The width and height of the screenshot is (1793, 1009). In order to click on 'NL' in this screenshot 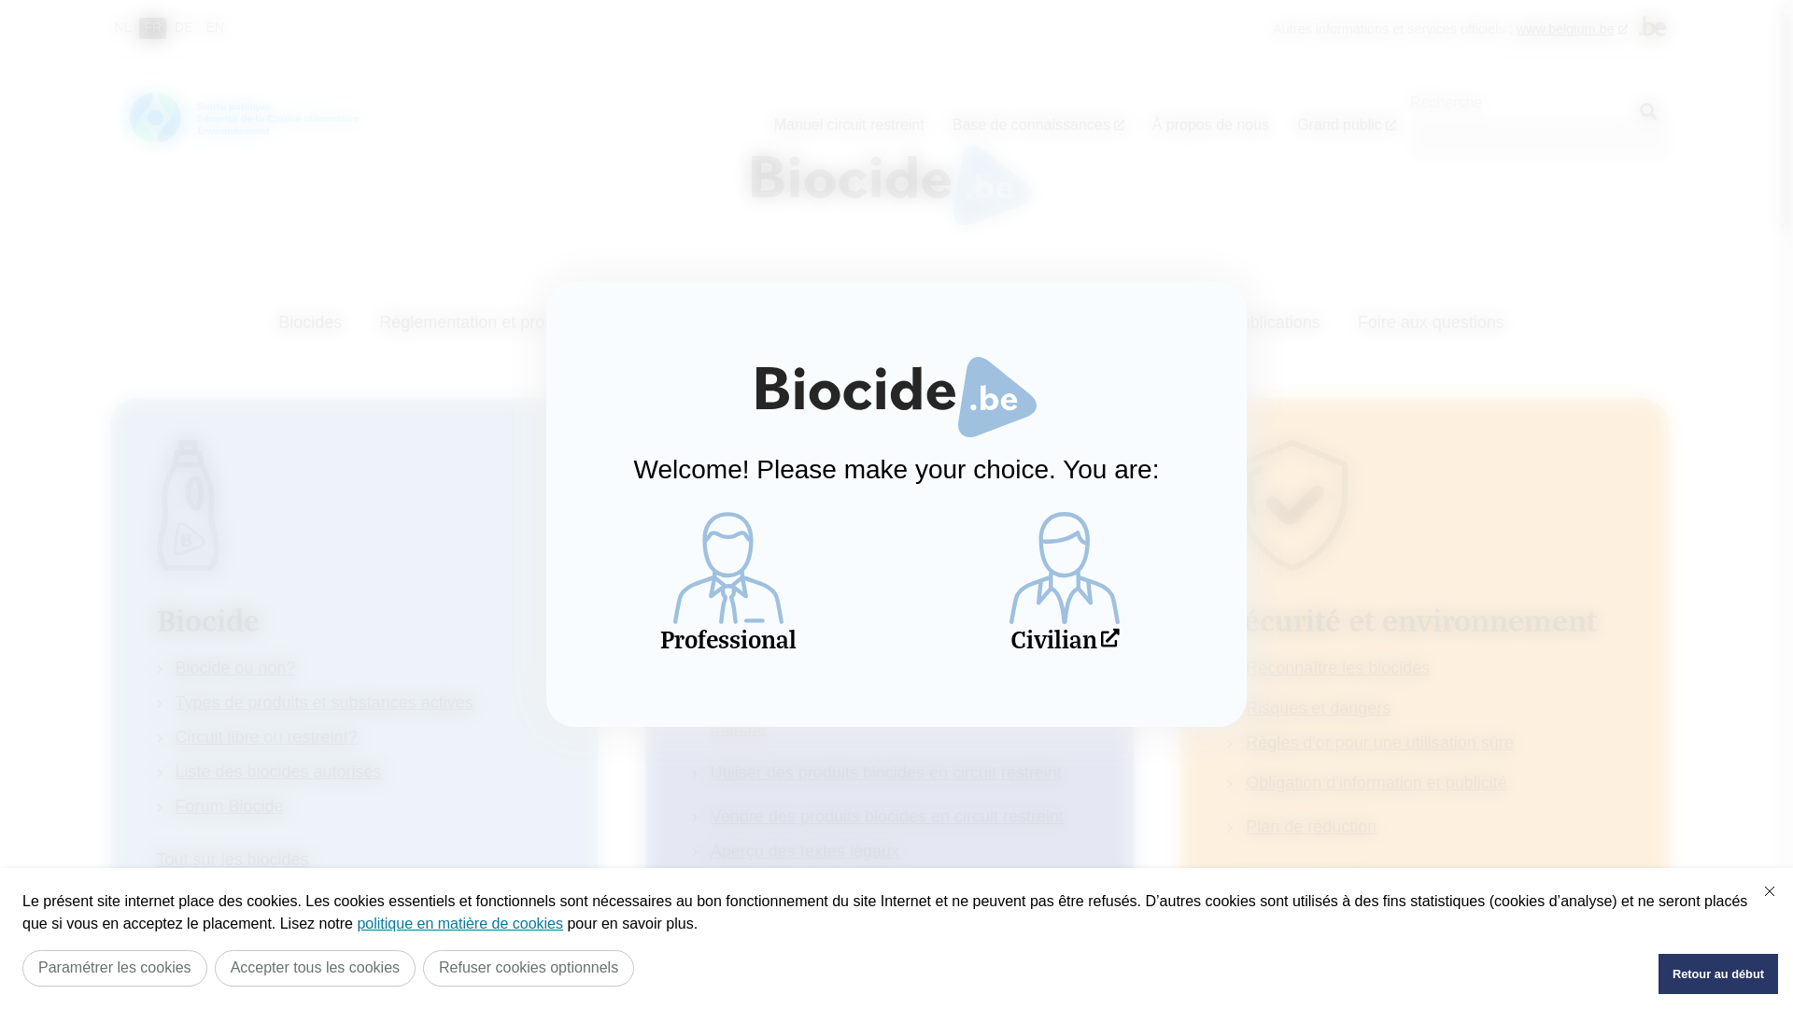, I will do `click(121, 27)`.